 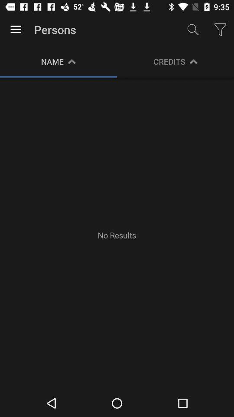 What do you see at coordinates (193, 30) in the screenshot?
I see `the icon next to the persons app` at bounding box center [193, 30].